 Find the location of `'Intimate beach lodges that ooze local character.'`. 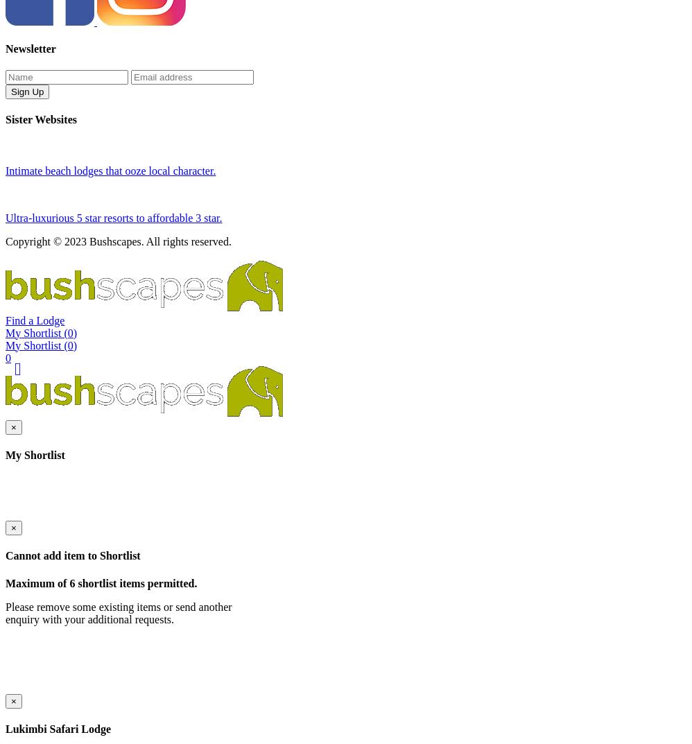

'Intimate beach lodges that ooze local character.' is located at coordinates (110, 217).